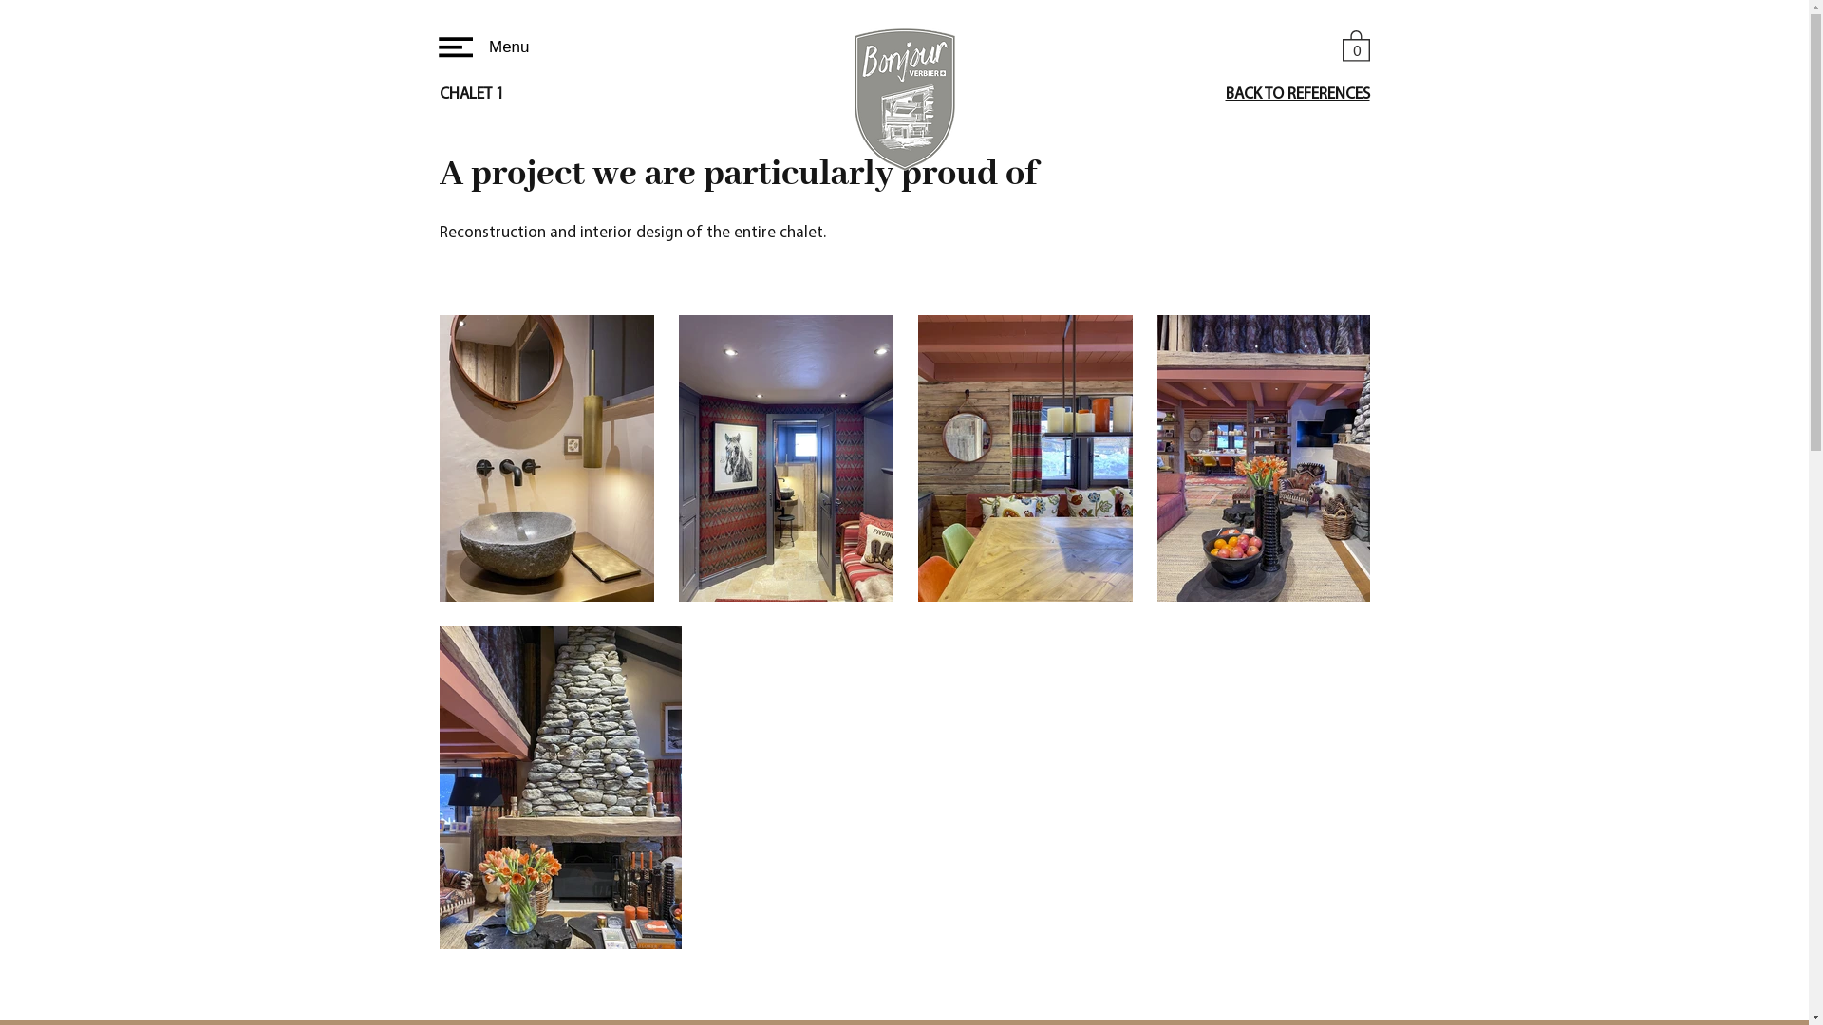  I want to click on 'Menu', so click(480, 47).